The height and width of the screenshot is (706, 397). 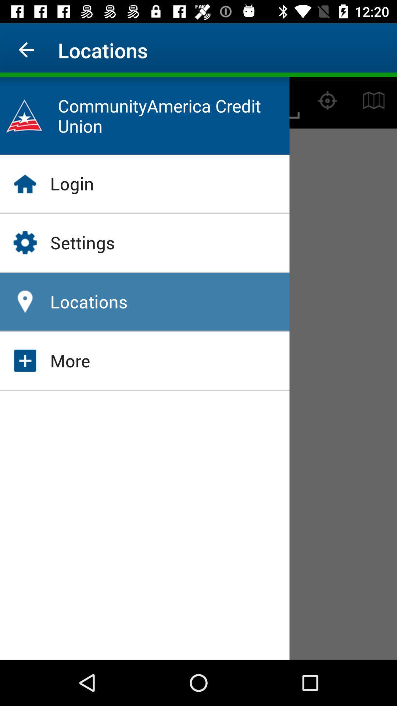 What do you see at coordinates (374, 100) in the screenshot?
I see `the book icon` at bounding box center [374, 100].